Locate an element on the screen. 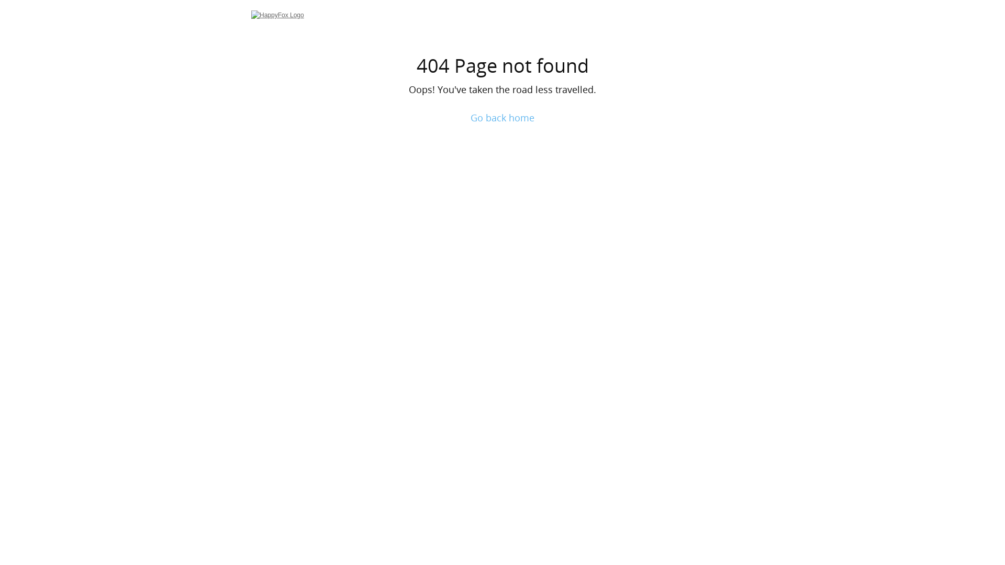  'Go back home' is located at coordinates (470, 117).